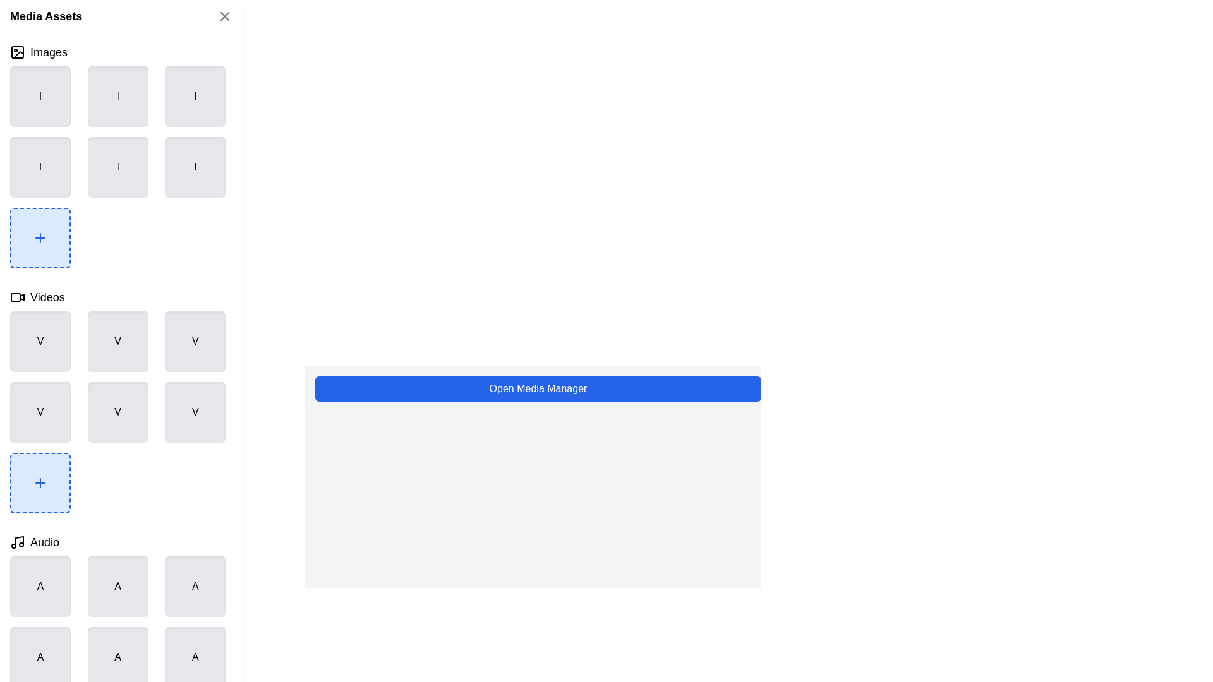  What do you see at coordinates (118, 341) in the screenshot?
I see `the grid item placeholder located in the second row and second column under the 'Videos' section, which is adjacent to blocks containing the letter 'V'` at bounding box center [118, 341].